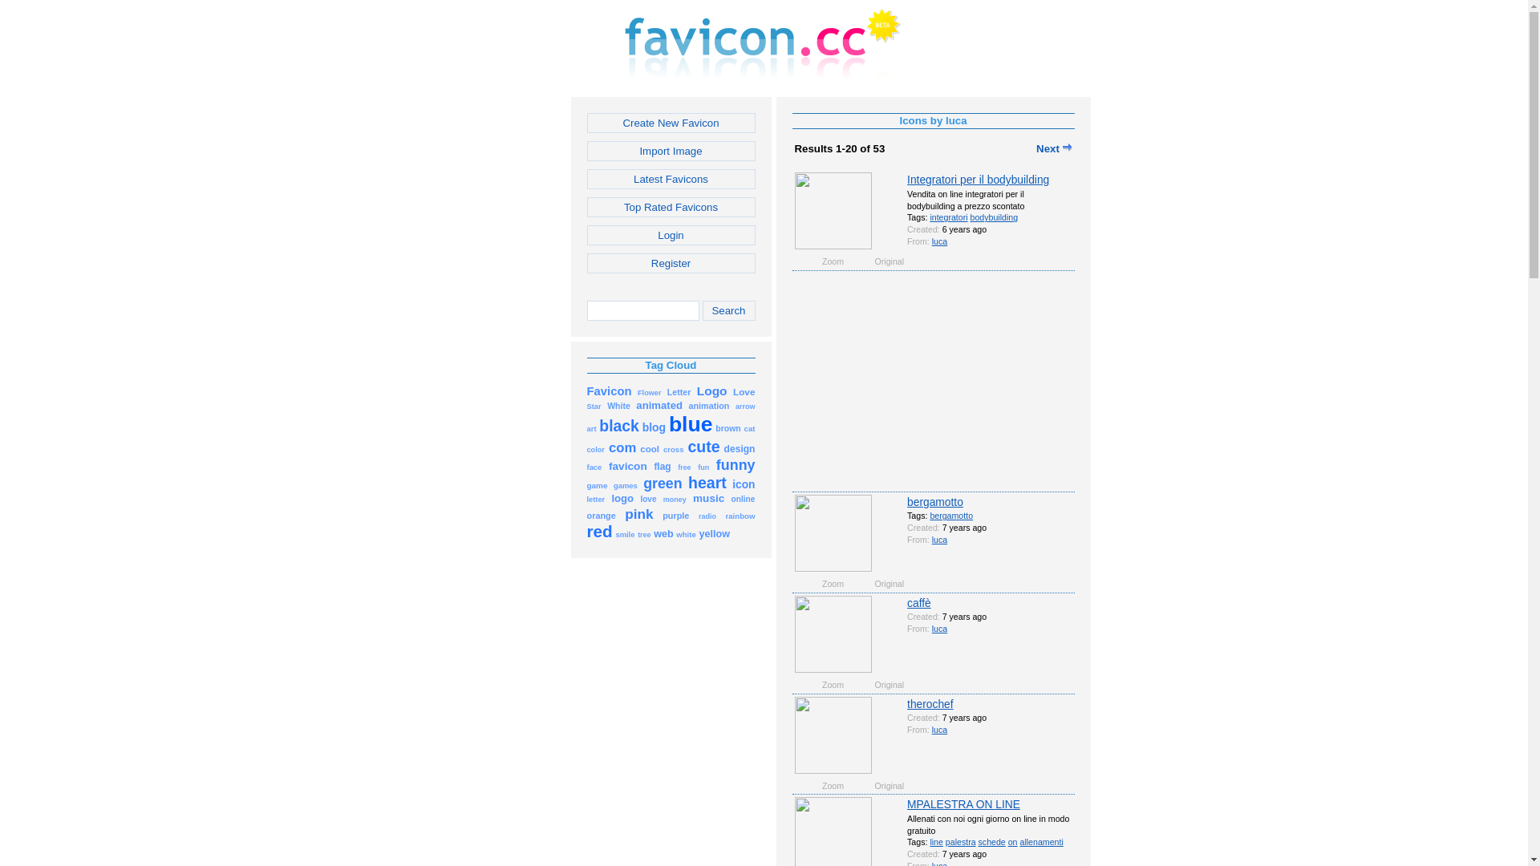 This screenshot has width=1540, height=866. I want to click on 'art', so click(586, 427).